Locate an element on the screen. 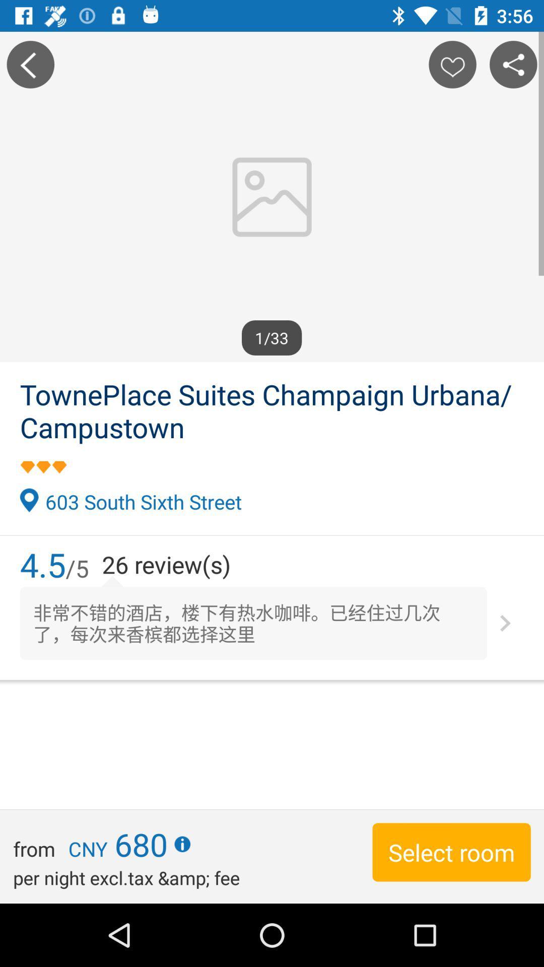 This screenshot has width=544, height=967. select room is located at coordinates (451, 852).